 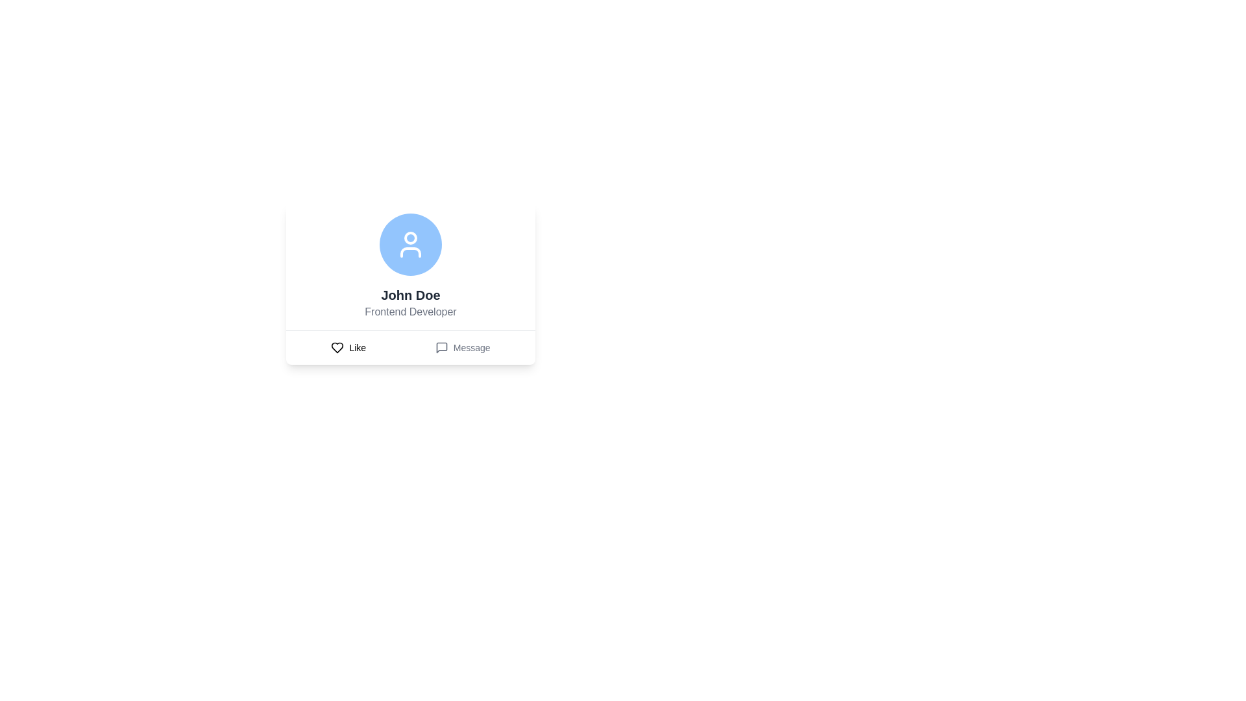 What do you see at coordinates (410, 283) in the screenshot?
I see `the user name` at bounding box center [410, 283].